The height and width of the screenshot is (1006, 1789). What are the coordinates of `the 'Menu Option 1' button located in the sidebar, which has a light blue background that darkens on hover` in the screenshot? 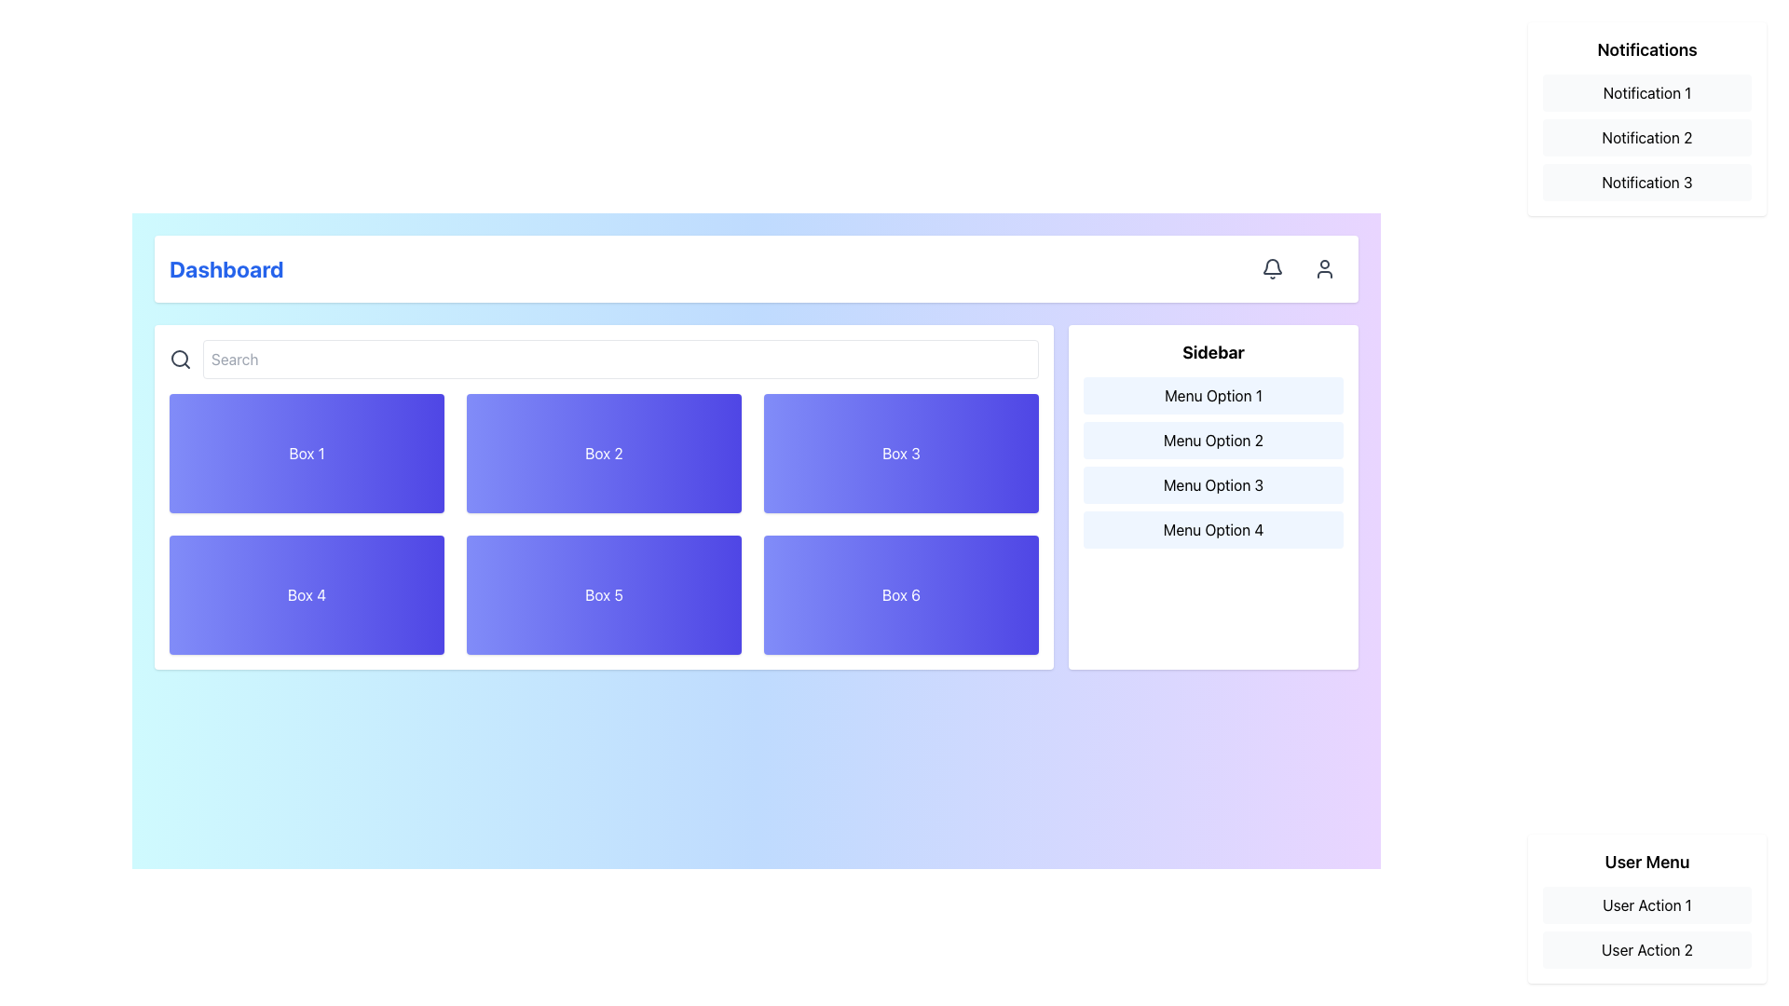 It's located at (1213, 394).